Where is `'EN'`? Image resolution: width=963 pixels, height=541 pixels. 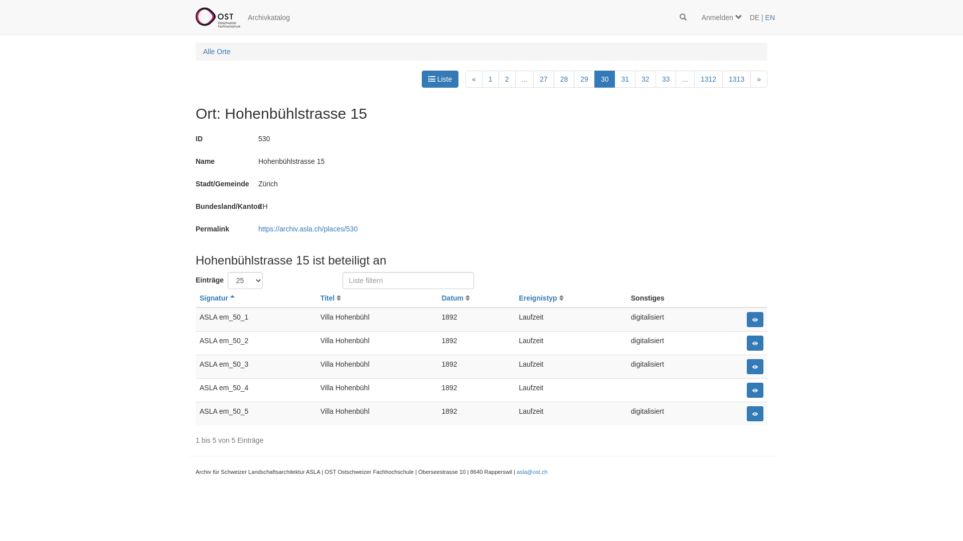
'EN' is located at coordinates (769, 17).